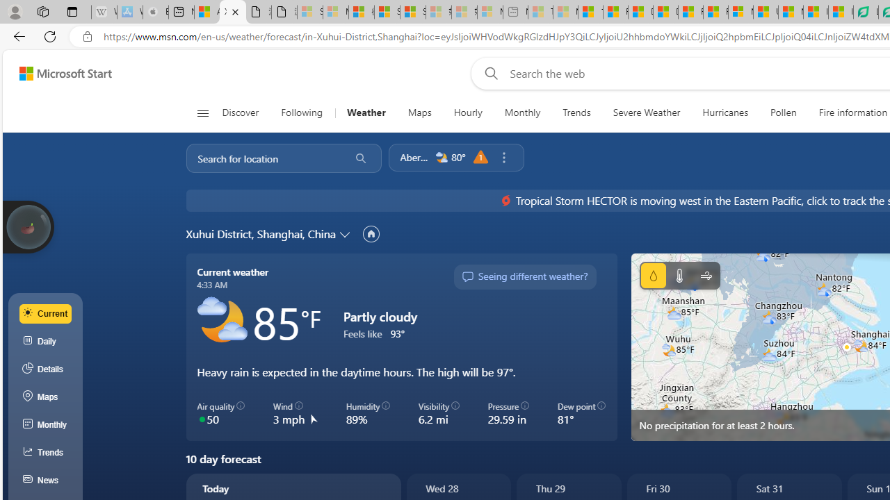 The image size is (890, 500). I want to click on 'Wind 3 mph', so click(294, 412).